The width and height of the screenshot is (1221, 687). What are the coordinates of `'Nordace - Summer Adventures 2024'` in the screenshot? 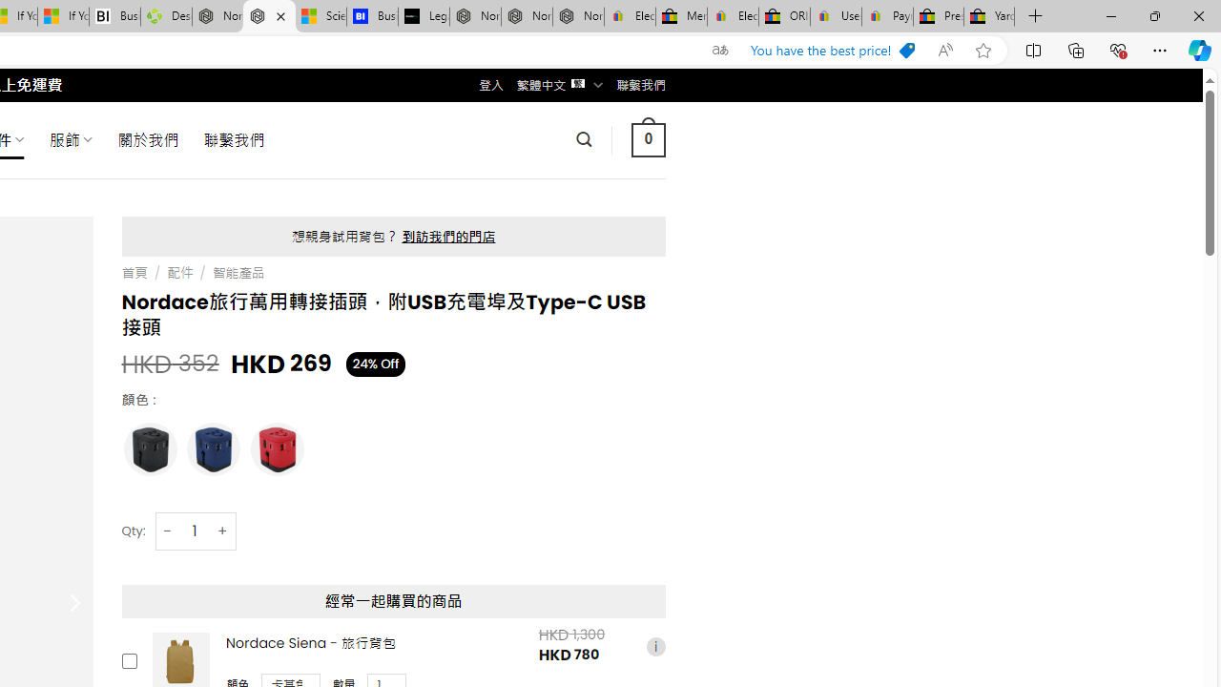 It's located at (217, 16).